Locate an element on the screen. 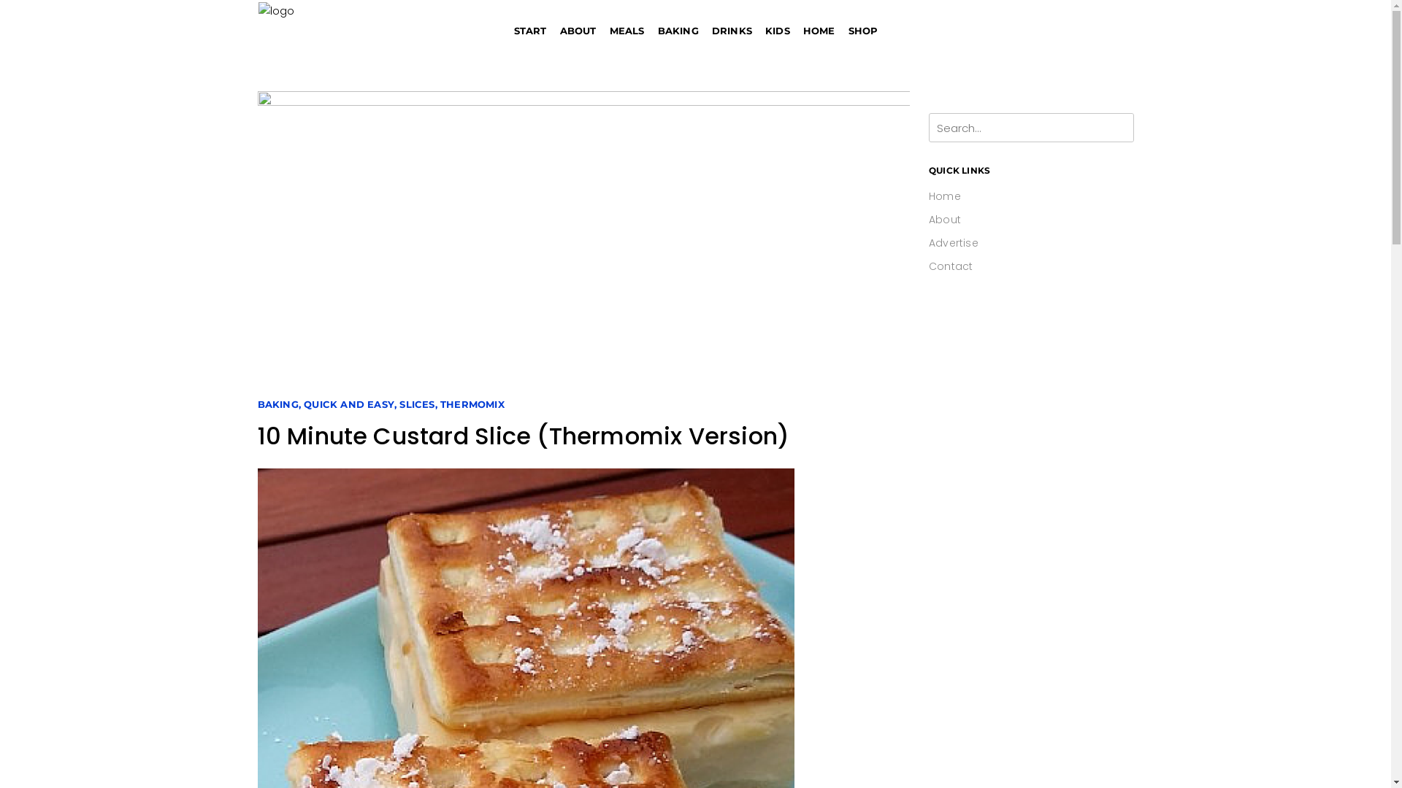 This screenshot has height=788, width=1402. 'Search for:' is located at coordinates (928, 126).